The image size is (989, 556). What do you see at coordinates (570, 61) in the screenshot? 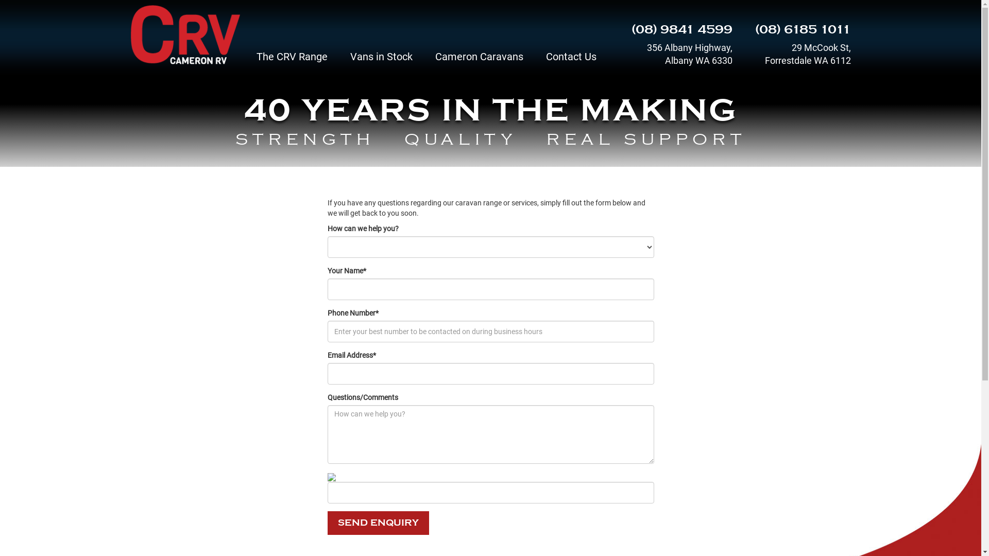
I see `'Contact Us'` at bounding box center [570, 61].